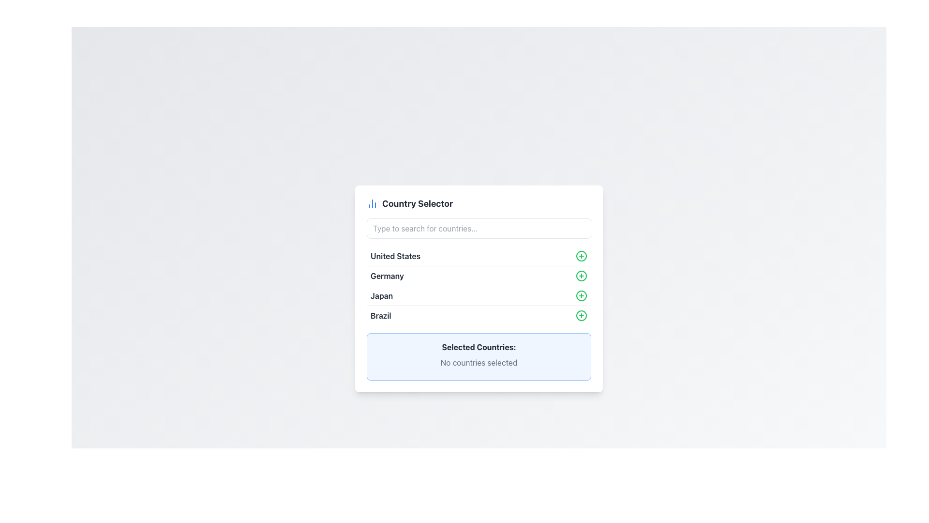 The width and height of the screenshot is (929, 523). Describe the element at coordinates (581, 295) in the screenshot. I see `the central circular shape of the '+' icon next to the 'Japan' entry in the list` at that location.